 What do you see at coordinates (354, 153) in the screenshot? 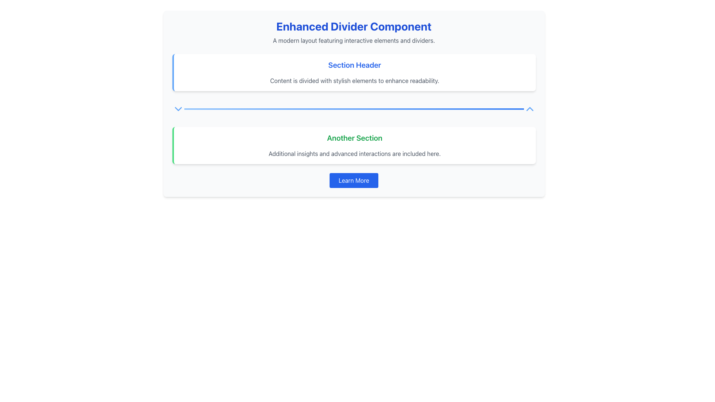
I see `the text element displaying 'Additional insights and advanced interactions are included here,' which is styled in muted gray and is located below the green heading labeled 'Another Section.'` at bounding box center [354, 153].